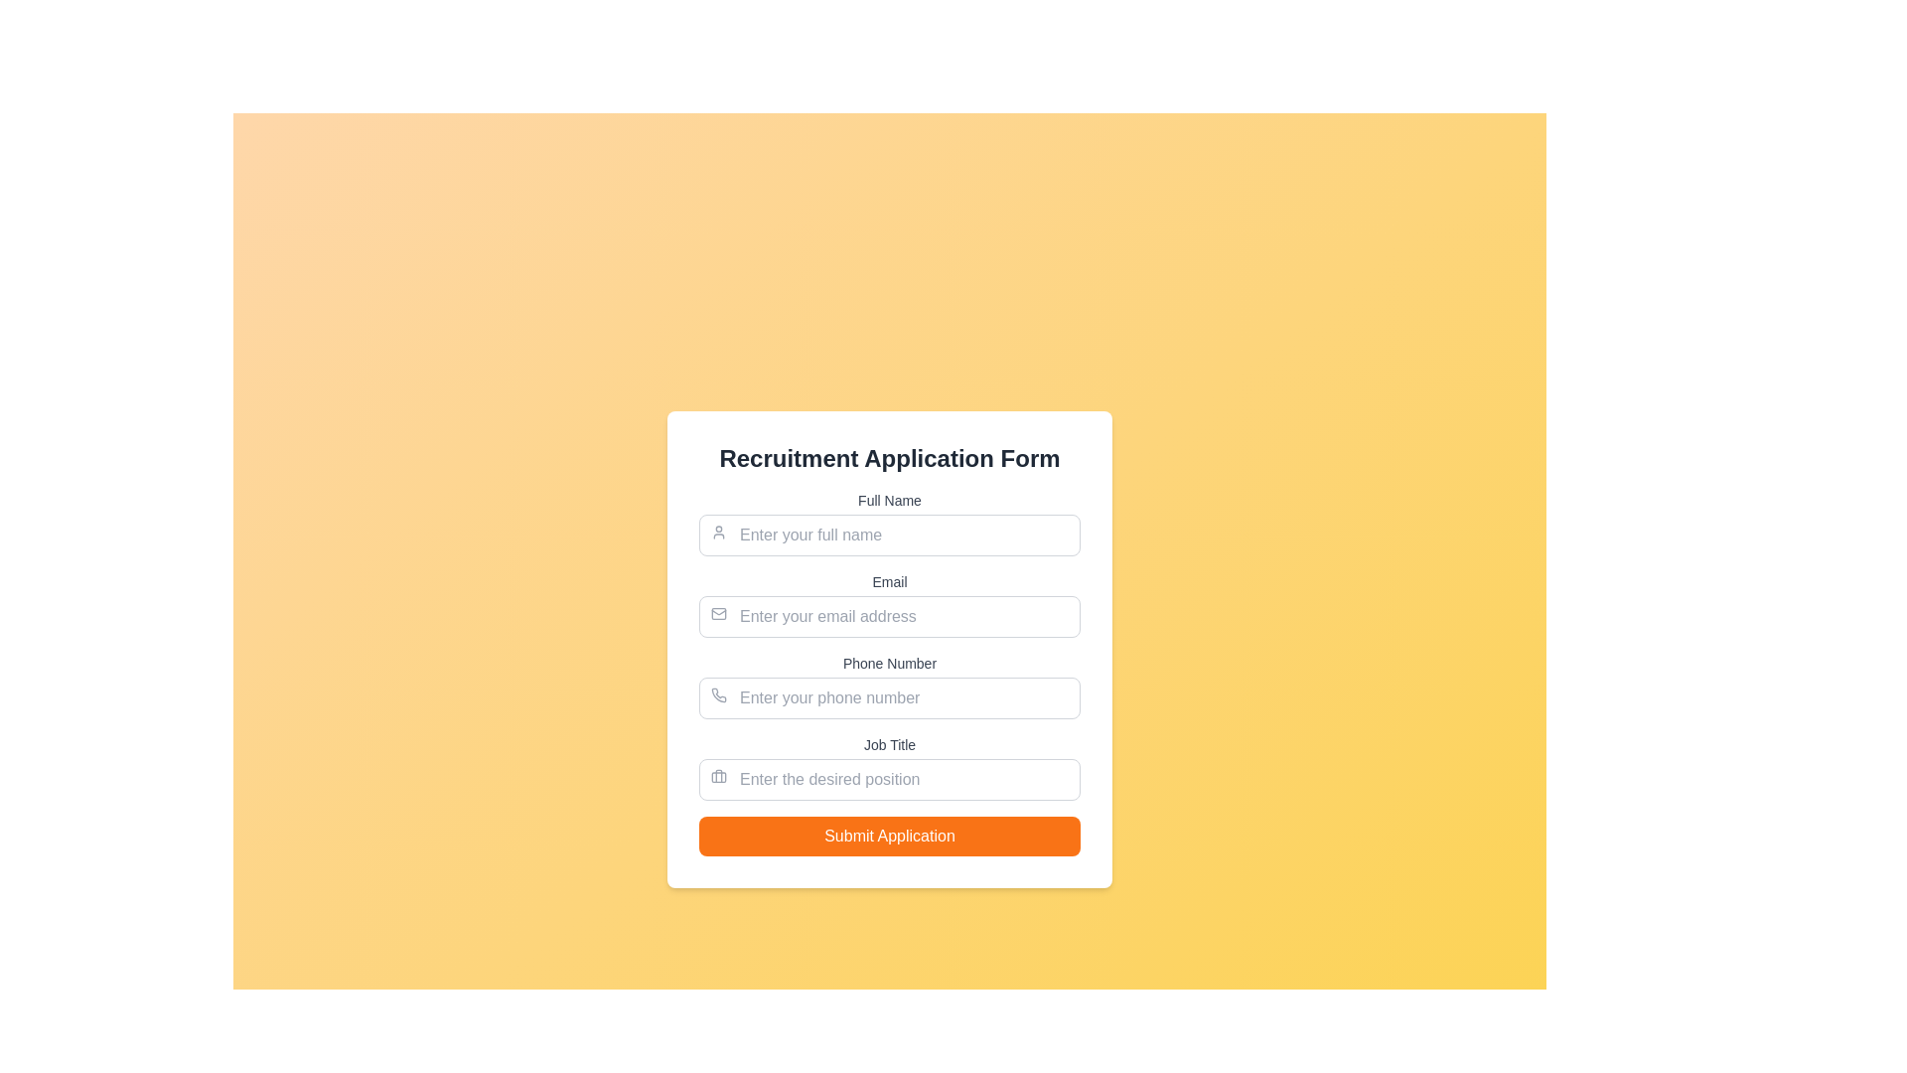  I want to click on the Text Input Field for email entry to set focus, which is located below the 'Email' label and above the 'Phone Number' input field, so click(889, 616).